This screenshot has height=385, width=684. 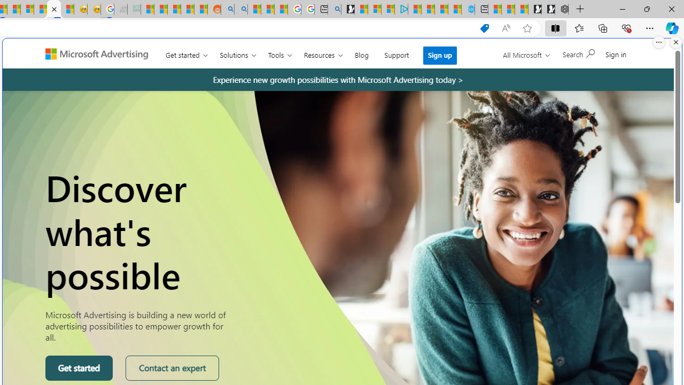 I want to click on 'Support', so click(x=397, y=53).